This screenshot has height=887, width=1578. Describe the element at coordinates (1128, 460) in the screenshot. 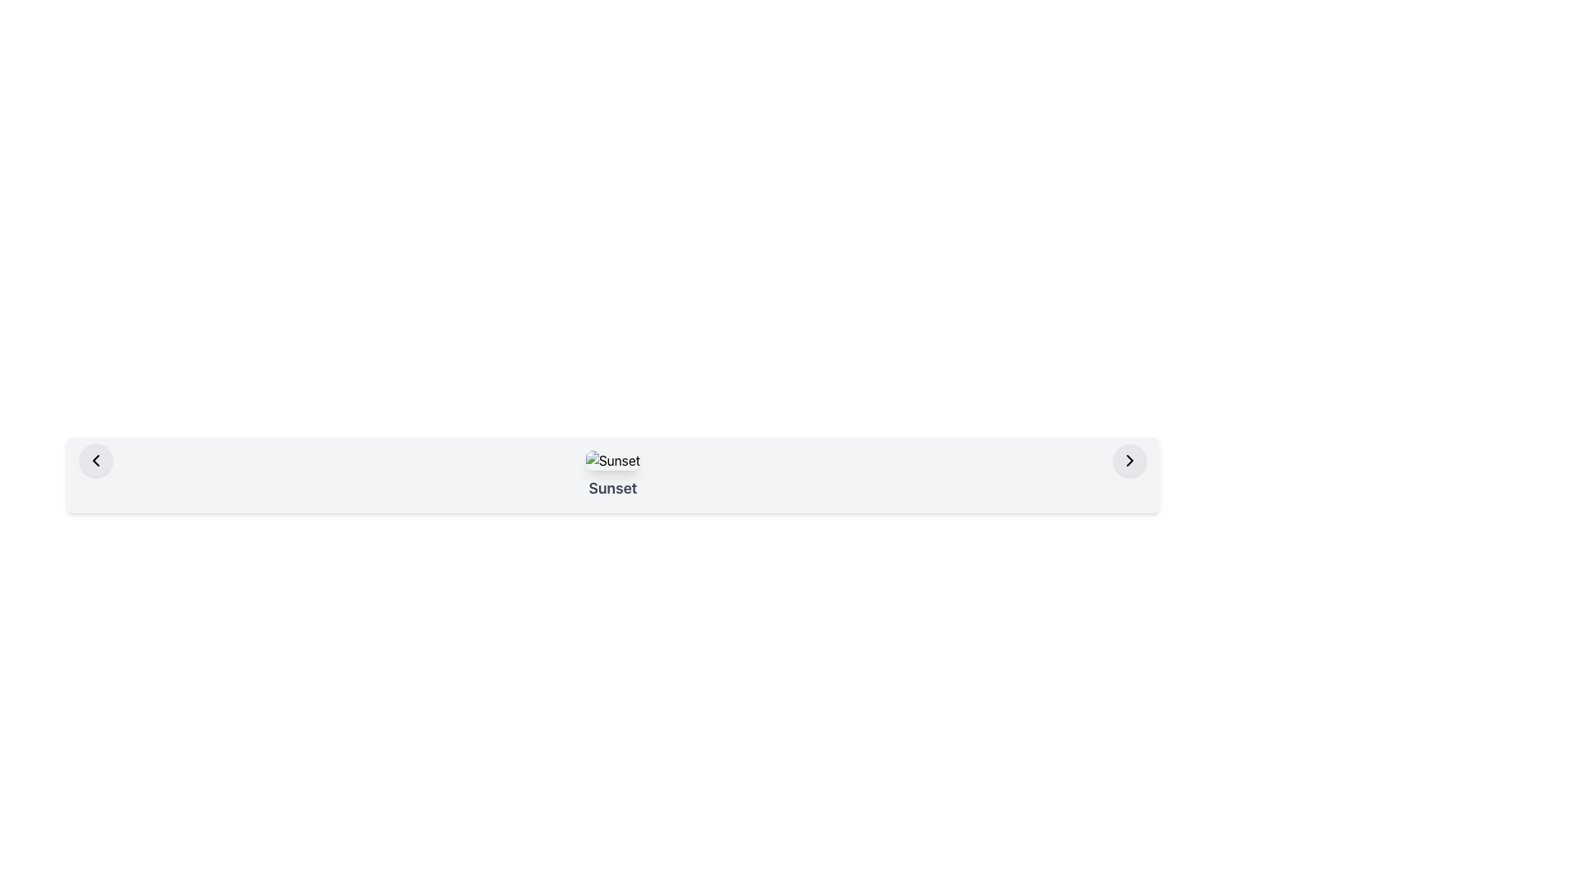

I see `the round button with a light gray background and a black right-facing chevron icon` at that location.